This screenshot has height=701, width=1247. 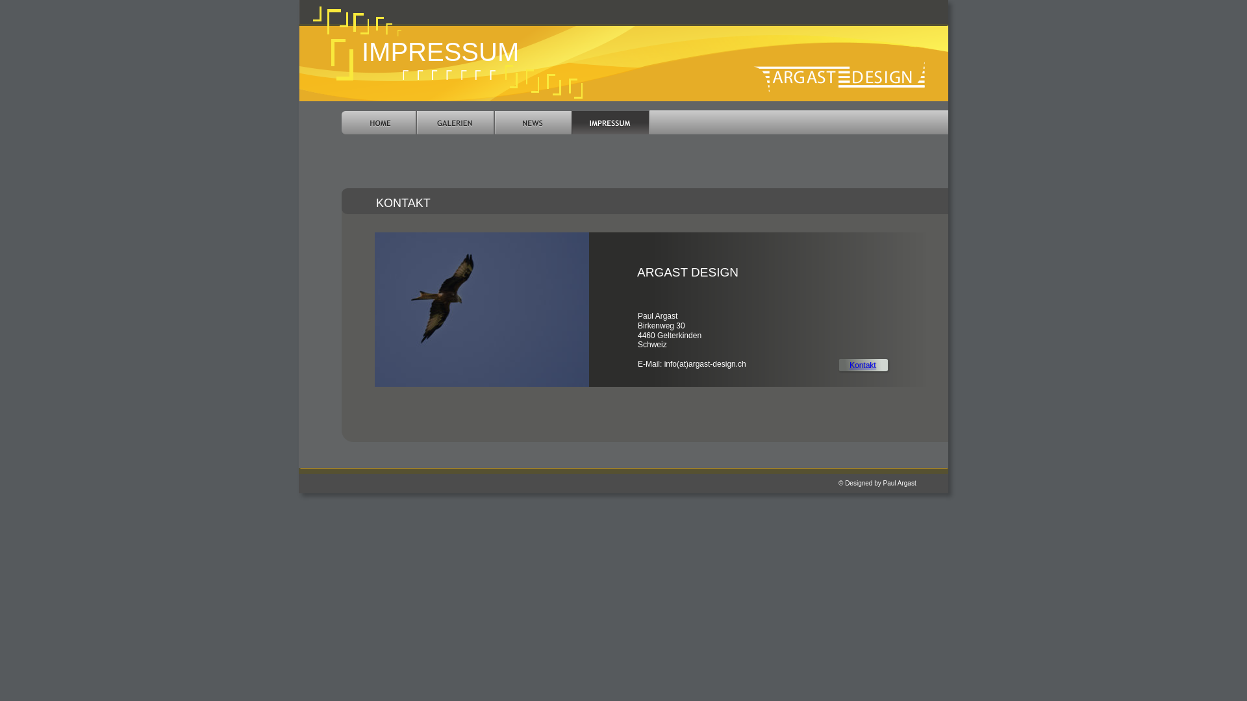 I want to click on 'Kontakt', so click(x=850, y=365).